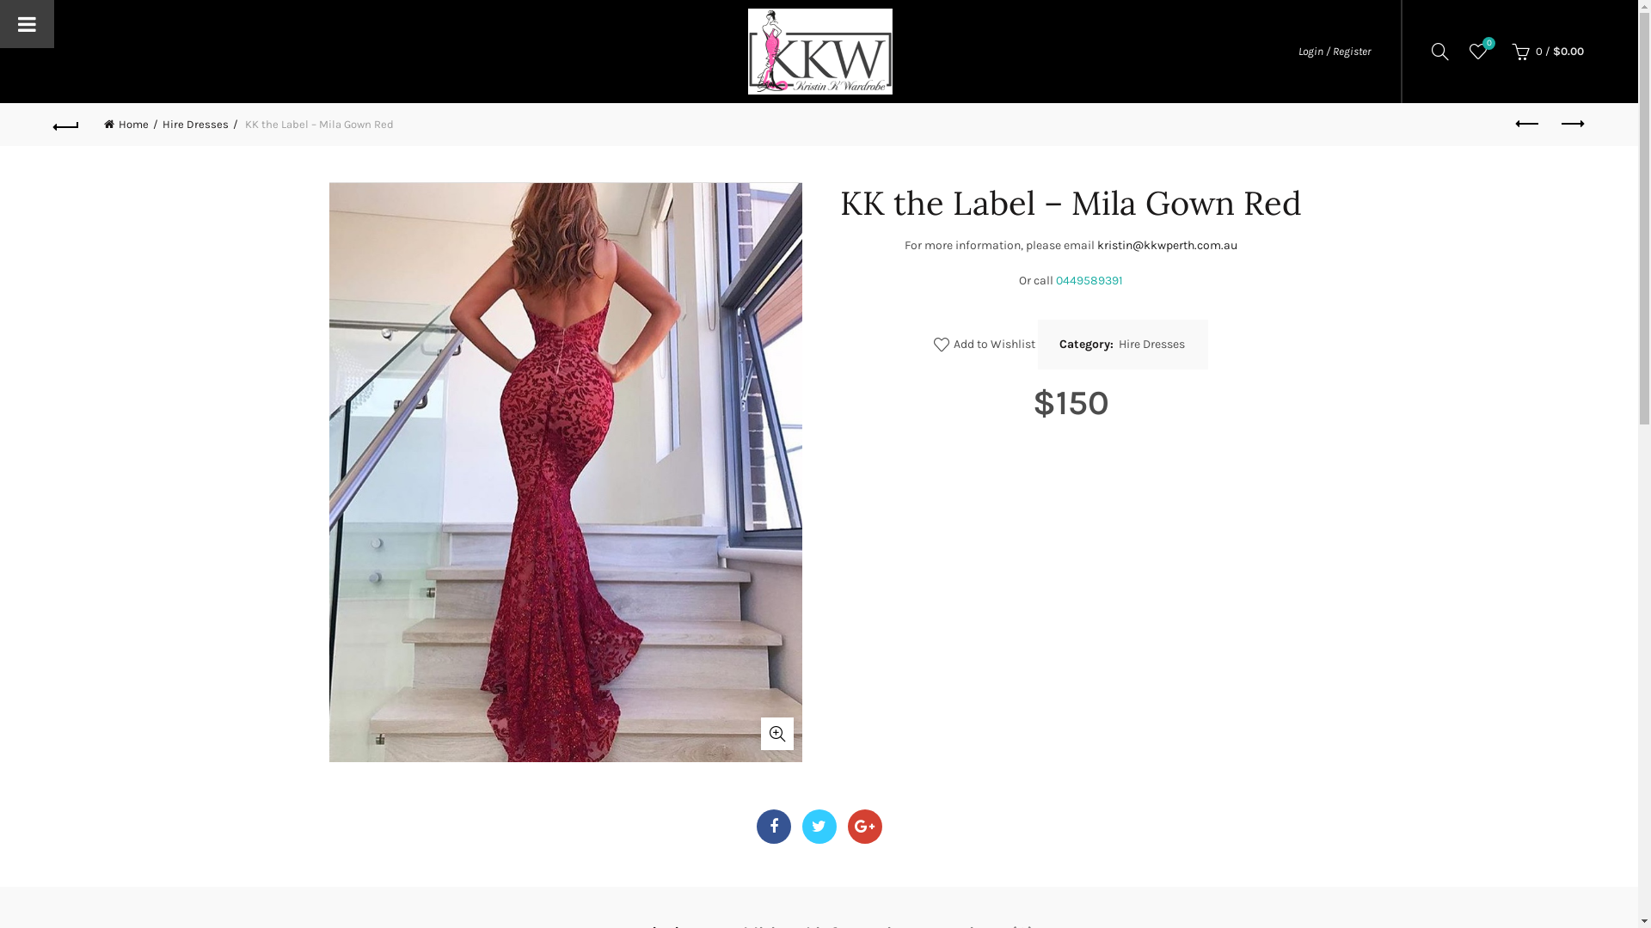  Describe the element at coordinates (328, 471) in the screenshot. I see `'47226340-601E-4D7D-B060-893178FAD881'` at that location.